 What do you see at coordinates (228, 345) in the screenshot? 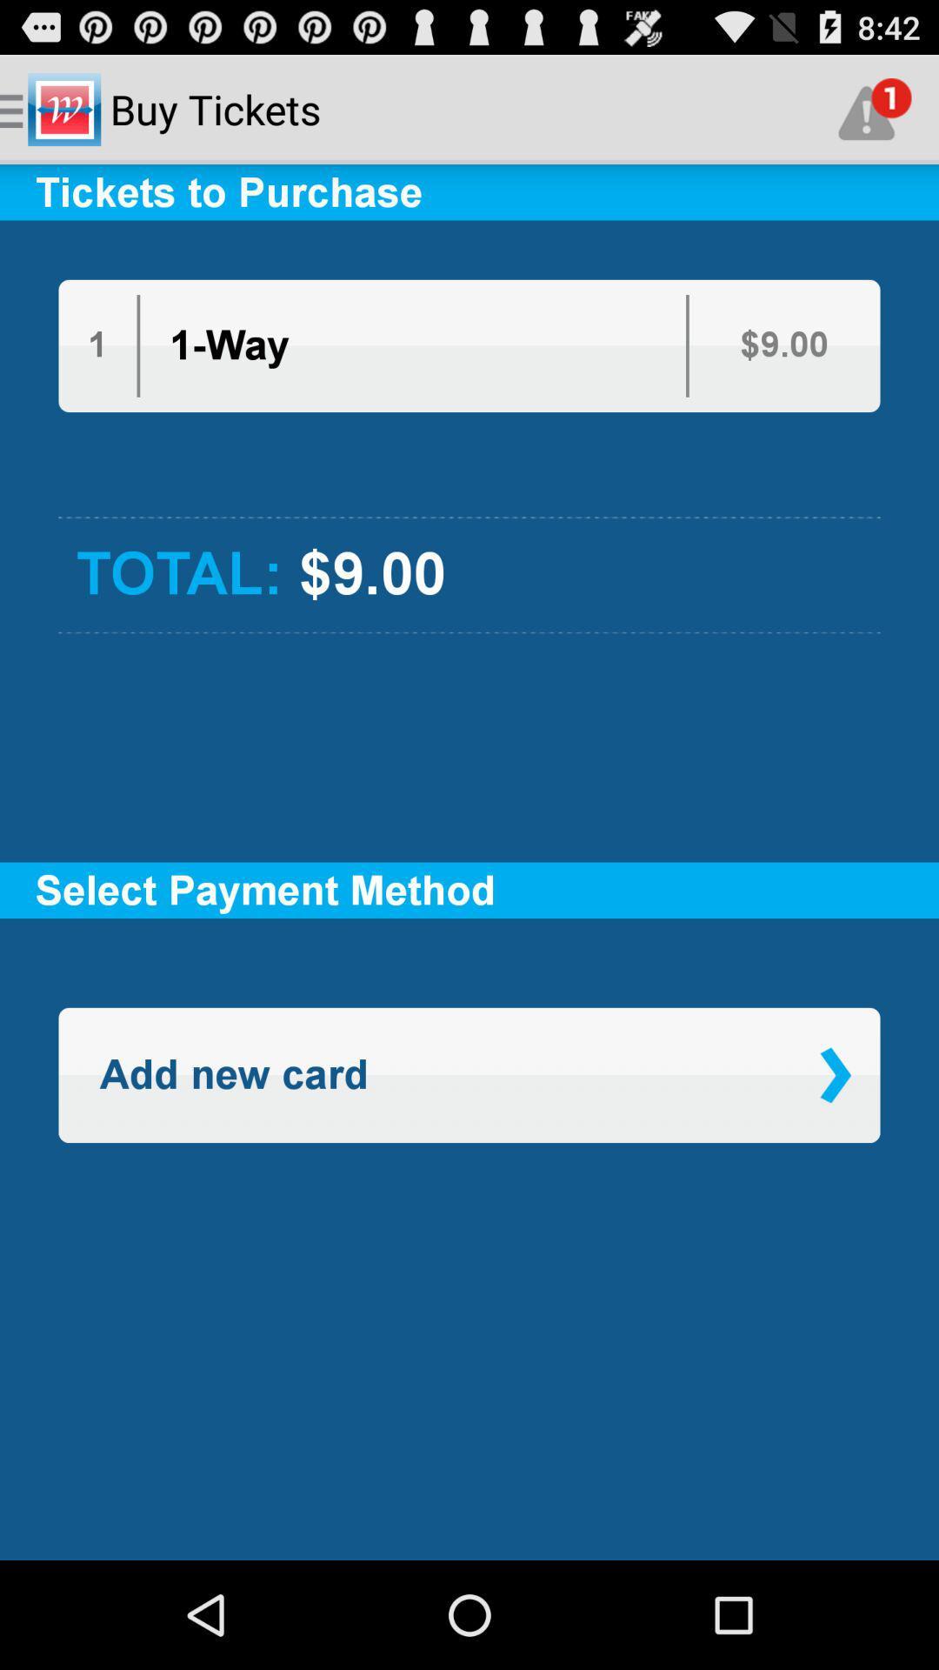
I see `1-way item` at bounding box center [228, 345].